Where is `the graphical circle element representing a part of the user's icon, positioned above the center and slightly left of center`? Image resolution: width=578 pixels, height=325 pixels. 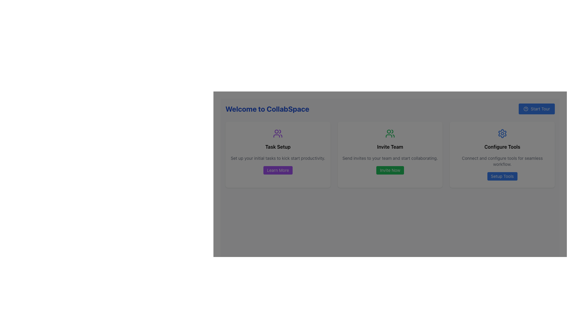
the graphical circle element representing a part of the user's icon, positioned above the center and slightly left of center is located at coordinates (276, 131).